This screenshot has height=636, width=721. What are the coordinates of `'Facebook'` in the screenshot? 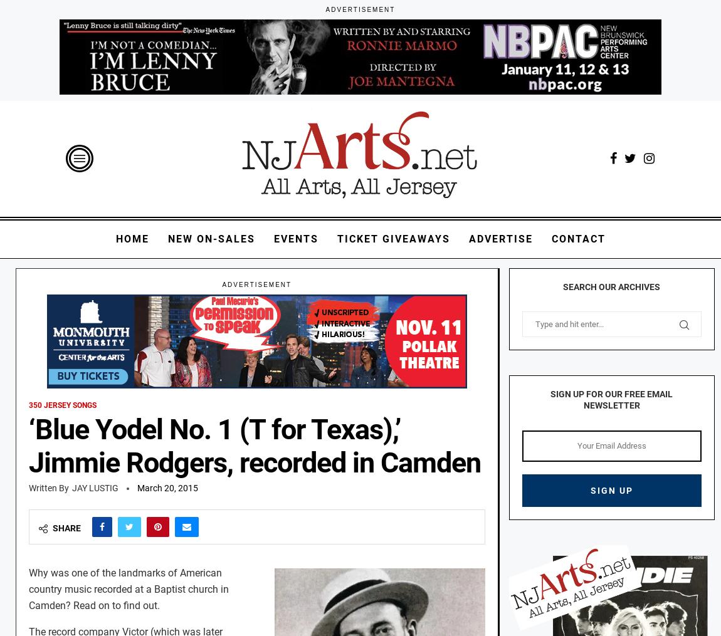 It's located at (101, 558).